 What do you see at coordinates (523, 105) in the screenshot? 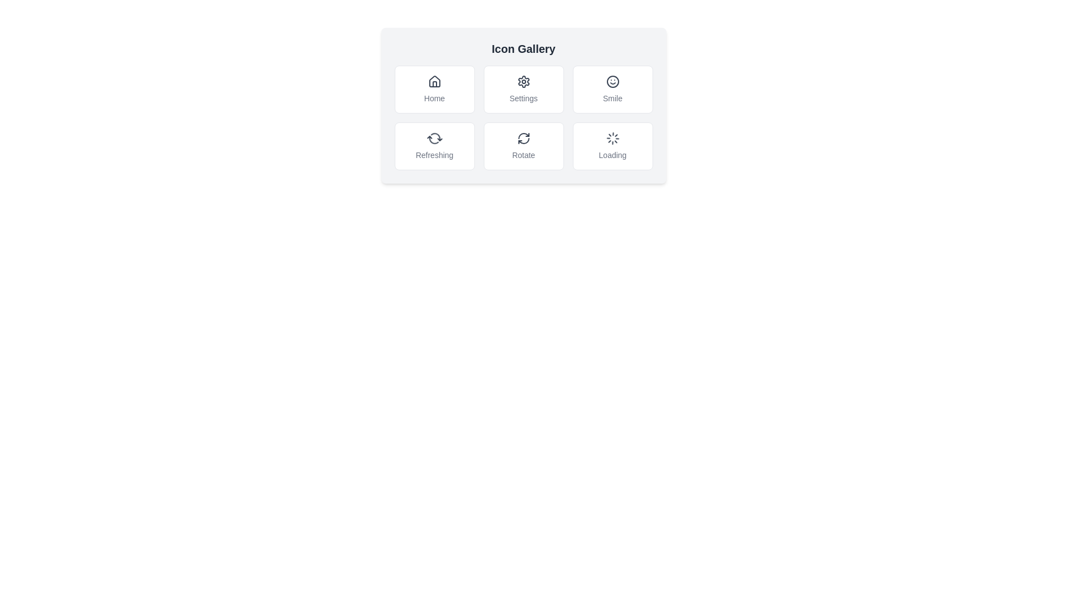
I see `the 'Settings' button located in the middle of the first row in a 3x2 grid within the 'Icon Gallery' card` at bounding box center [523, 105].